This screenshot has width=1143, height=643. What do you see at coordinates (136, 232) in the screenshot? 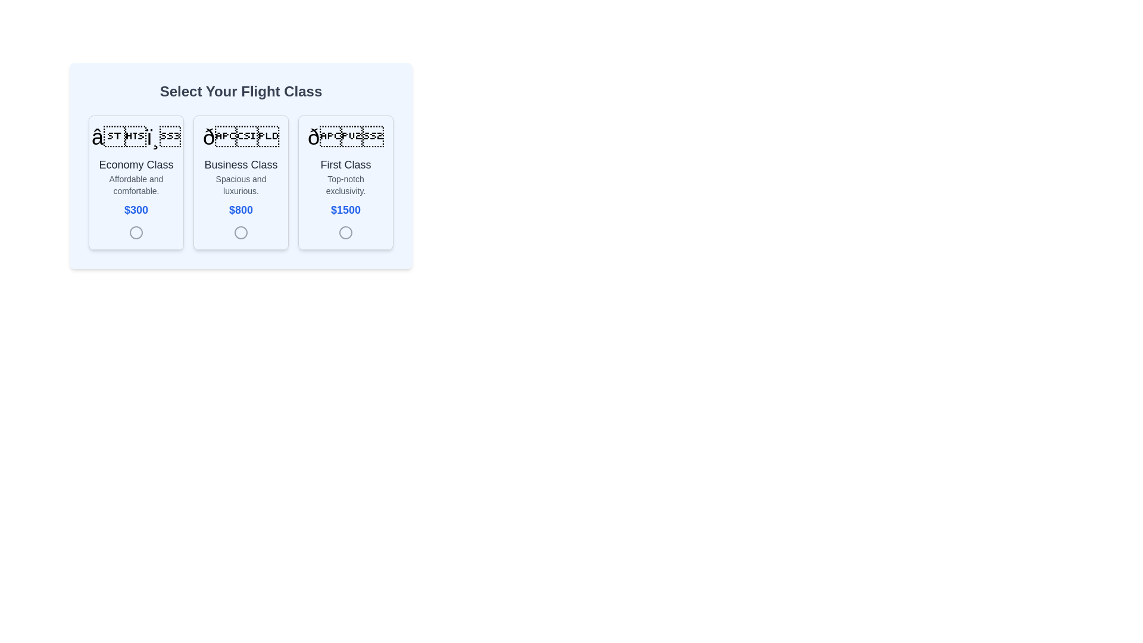
I see `the radio button within the 'Economy Class' card, located below the '$300' text` at bounding box center [136, 232].